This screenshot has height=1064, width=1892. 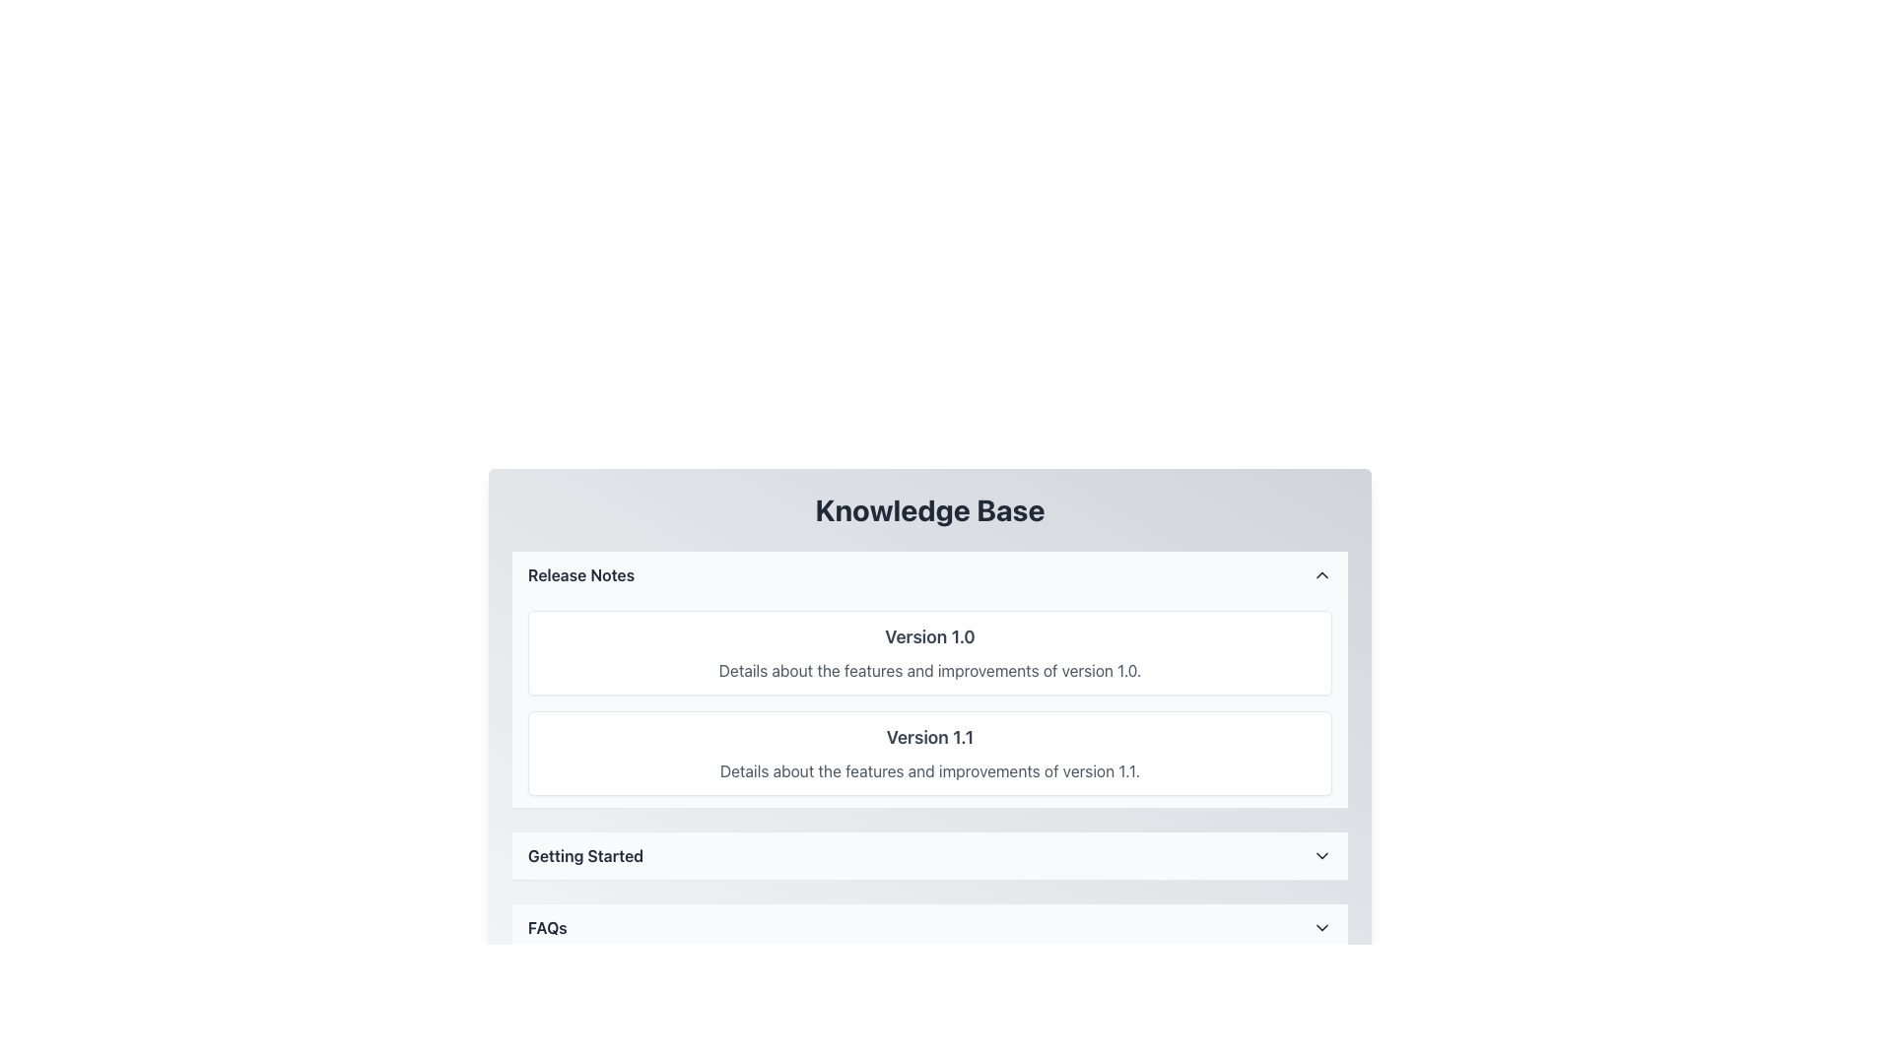 I want to click on gray text that displays 'Details about the features and improvements of version 1.1.' which is located below the header 'Version 1.1', so click(x=929, y=770).